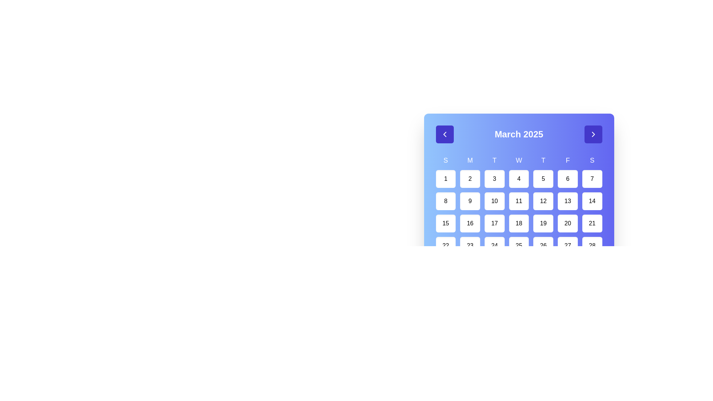  I want to click on the button representing the 23rd day of March 2025 in the calendar view, so click(470, 246).